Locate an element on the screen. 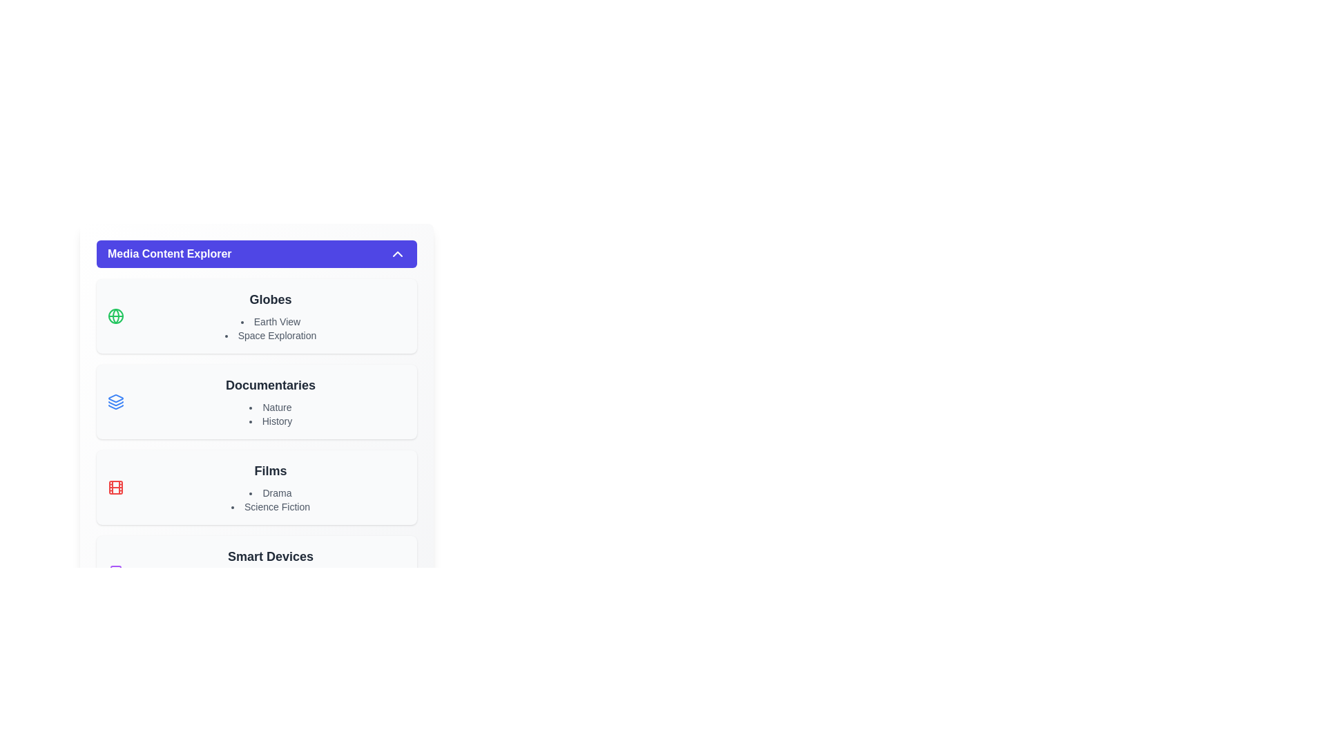  the chevron icon in the 'Media Content Explorer' header bar is located at coordinates (397, 254).